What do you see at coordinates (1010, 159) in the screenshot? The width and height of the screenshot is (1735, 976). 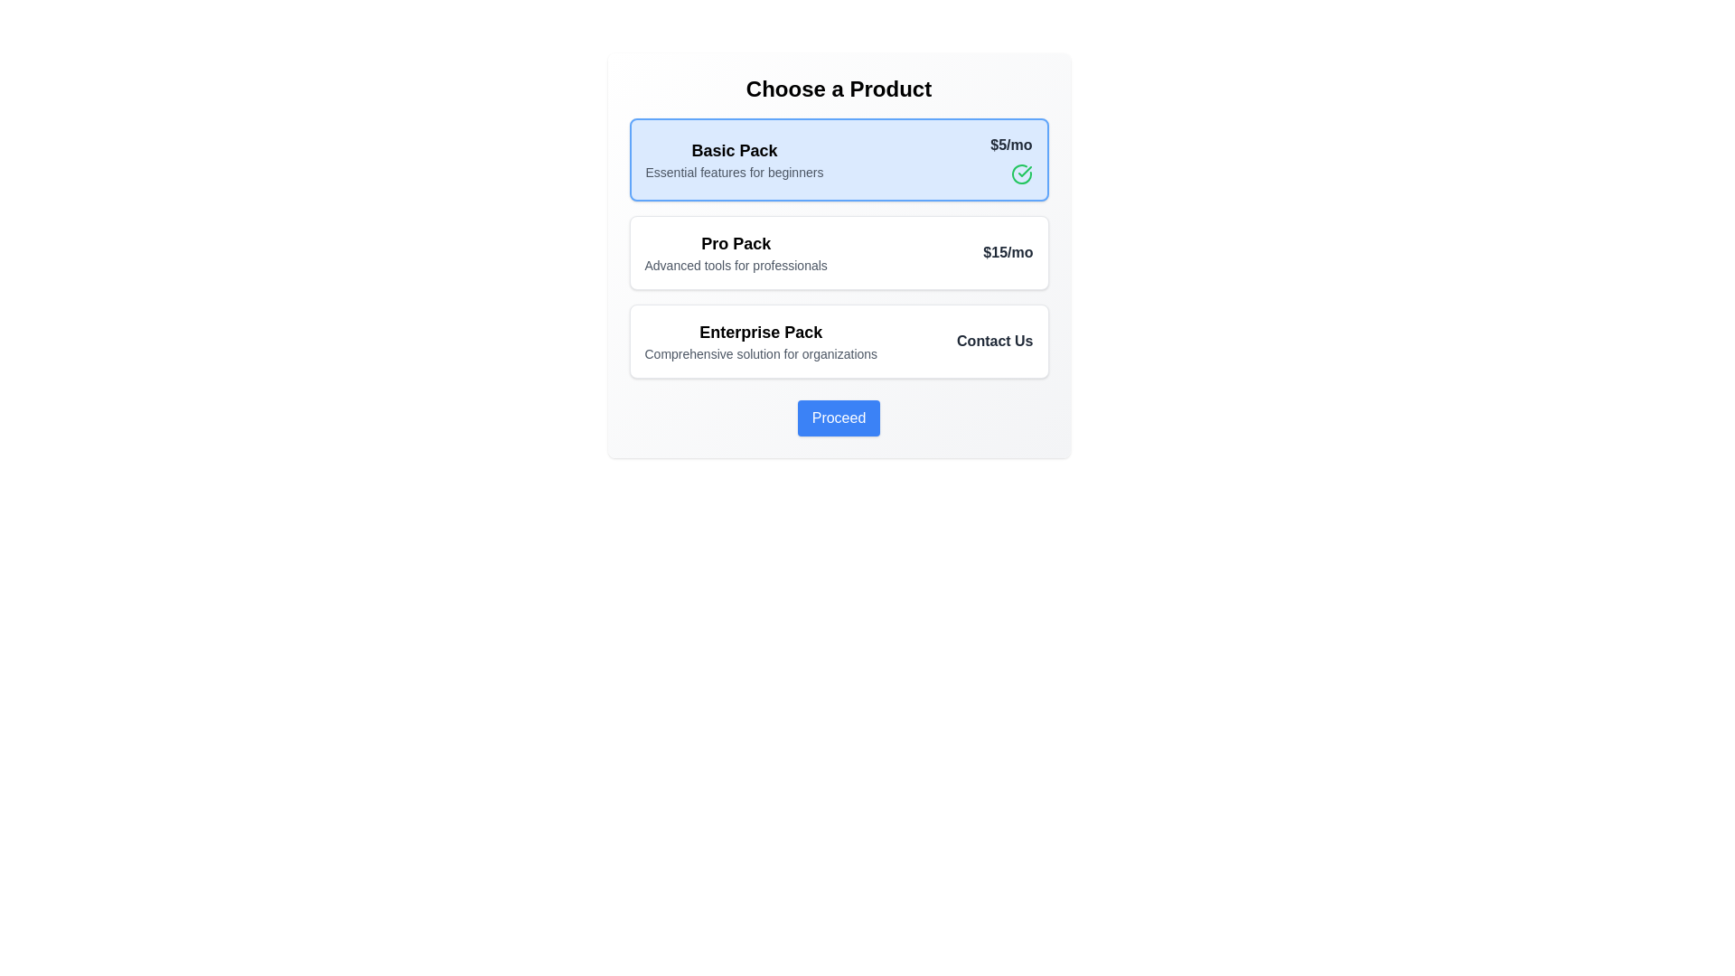 I see `the price label displaying the monthly price for the 'Basic Pack' product option, located at the top-right corner near the 'Basic Pack' title and description` at bounding box center [1010, 159].